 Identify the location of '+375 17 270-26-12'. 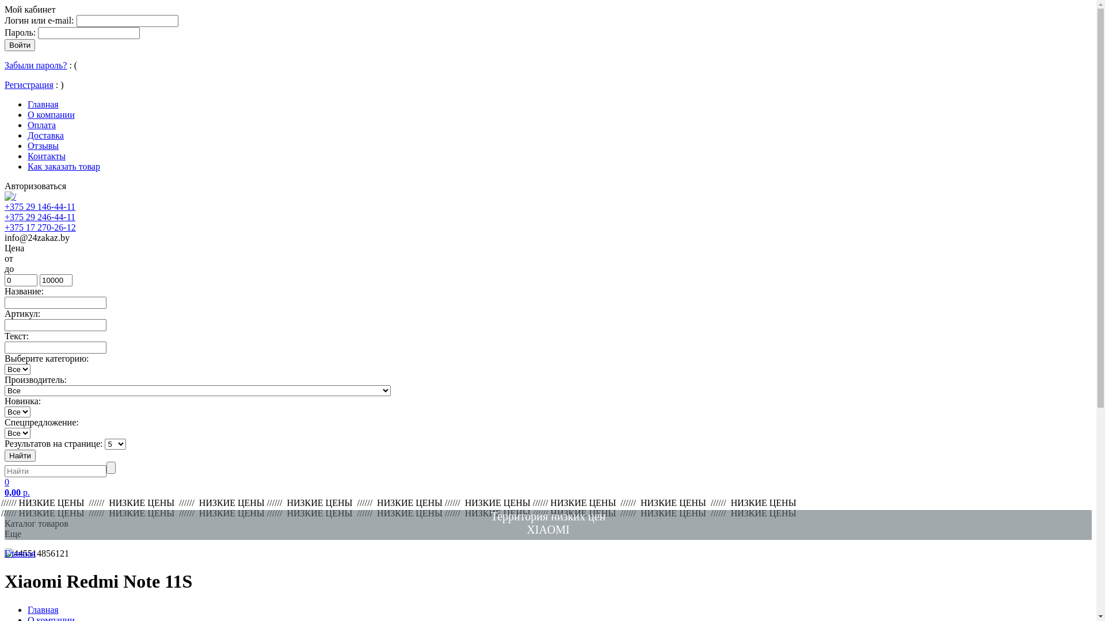
(40, 227).